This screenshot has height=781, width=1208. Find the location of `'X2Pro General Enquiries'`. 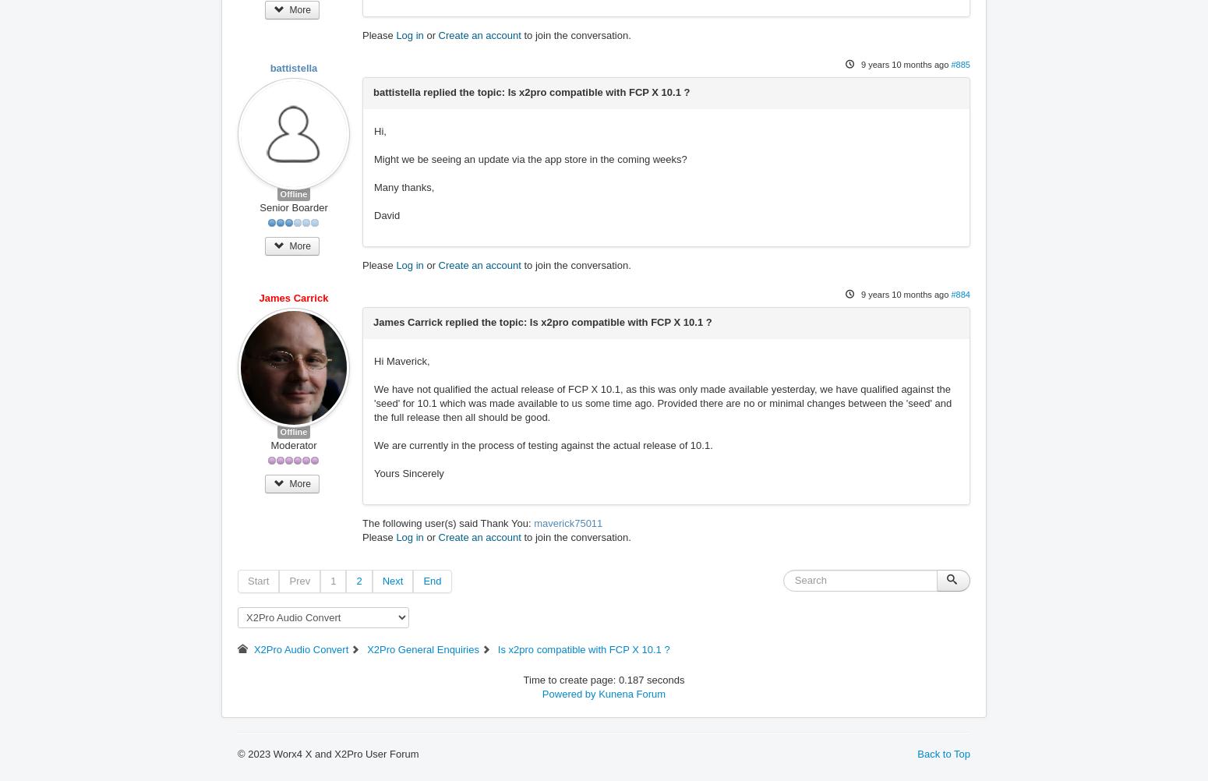

'X2Pro General Enquiries' is located at coordinates (422, 648).